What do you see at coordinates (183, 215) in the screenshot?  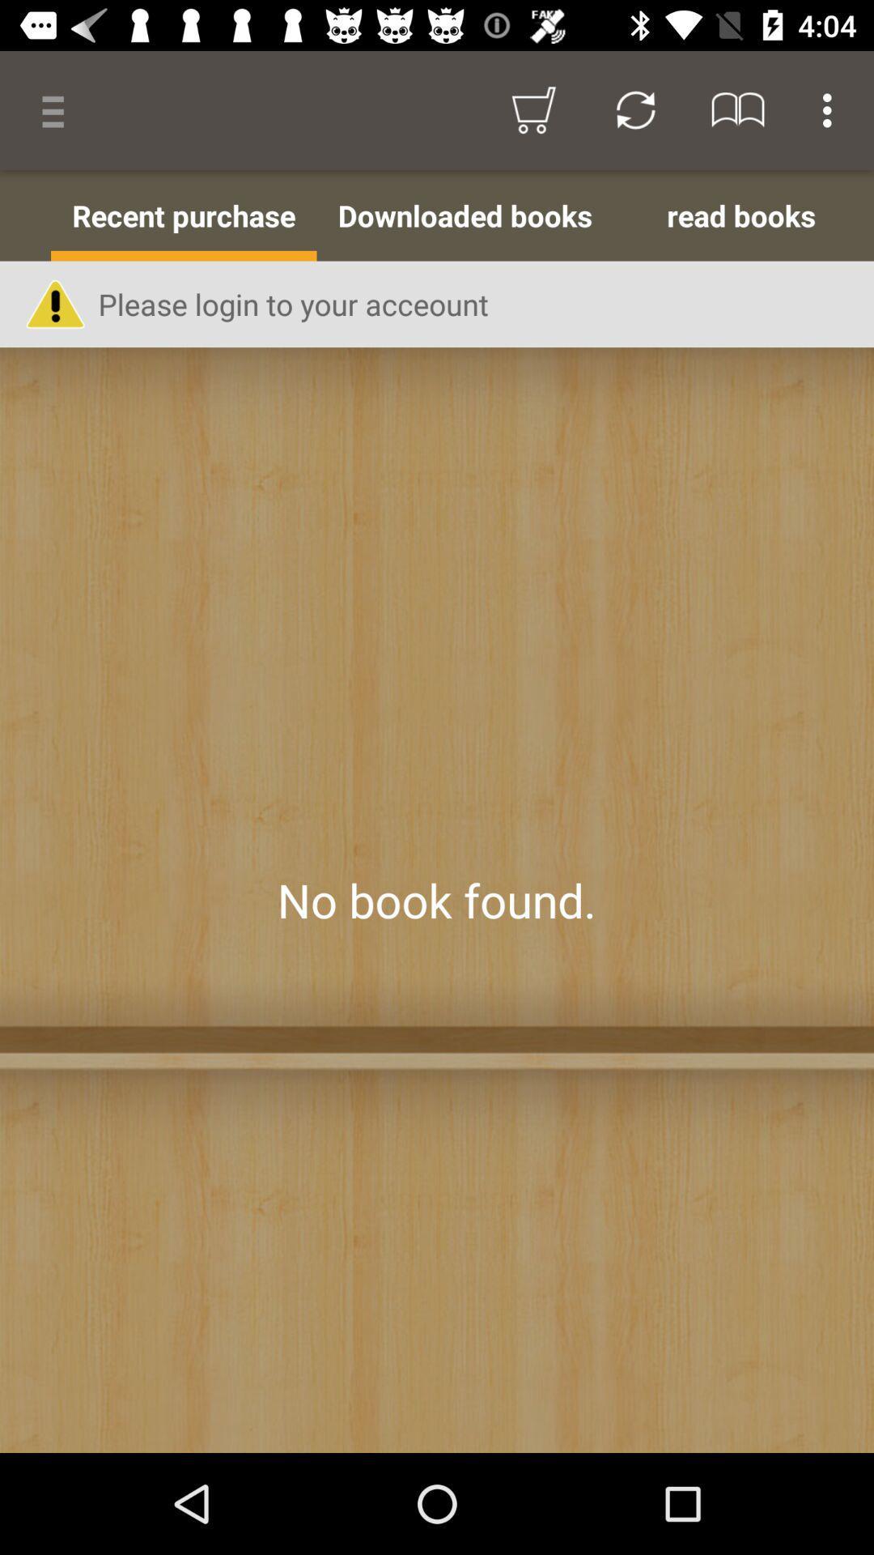 I see `the recent purchase app` at bounding box center [183, 215].